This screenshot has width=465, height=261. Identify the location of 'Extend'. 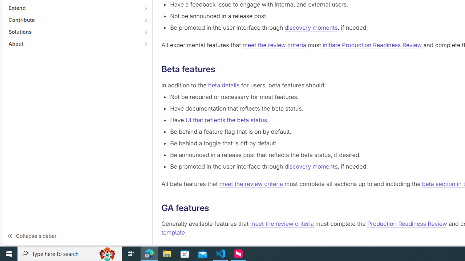
(73, 8).